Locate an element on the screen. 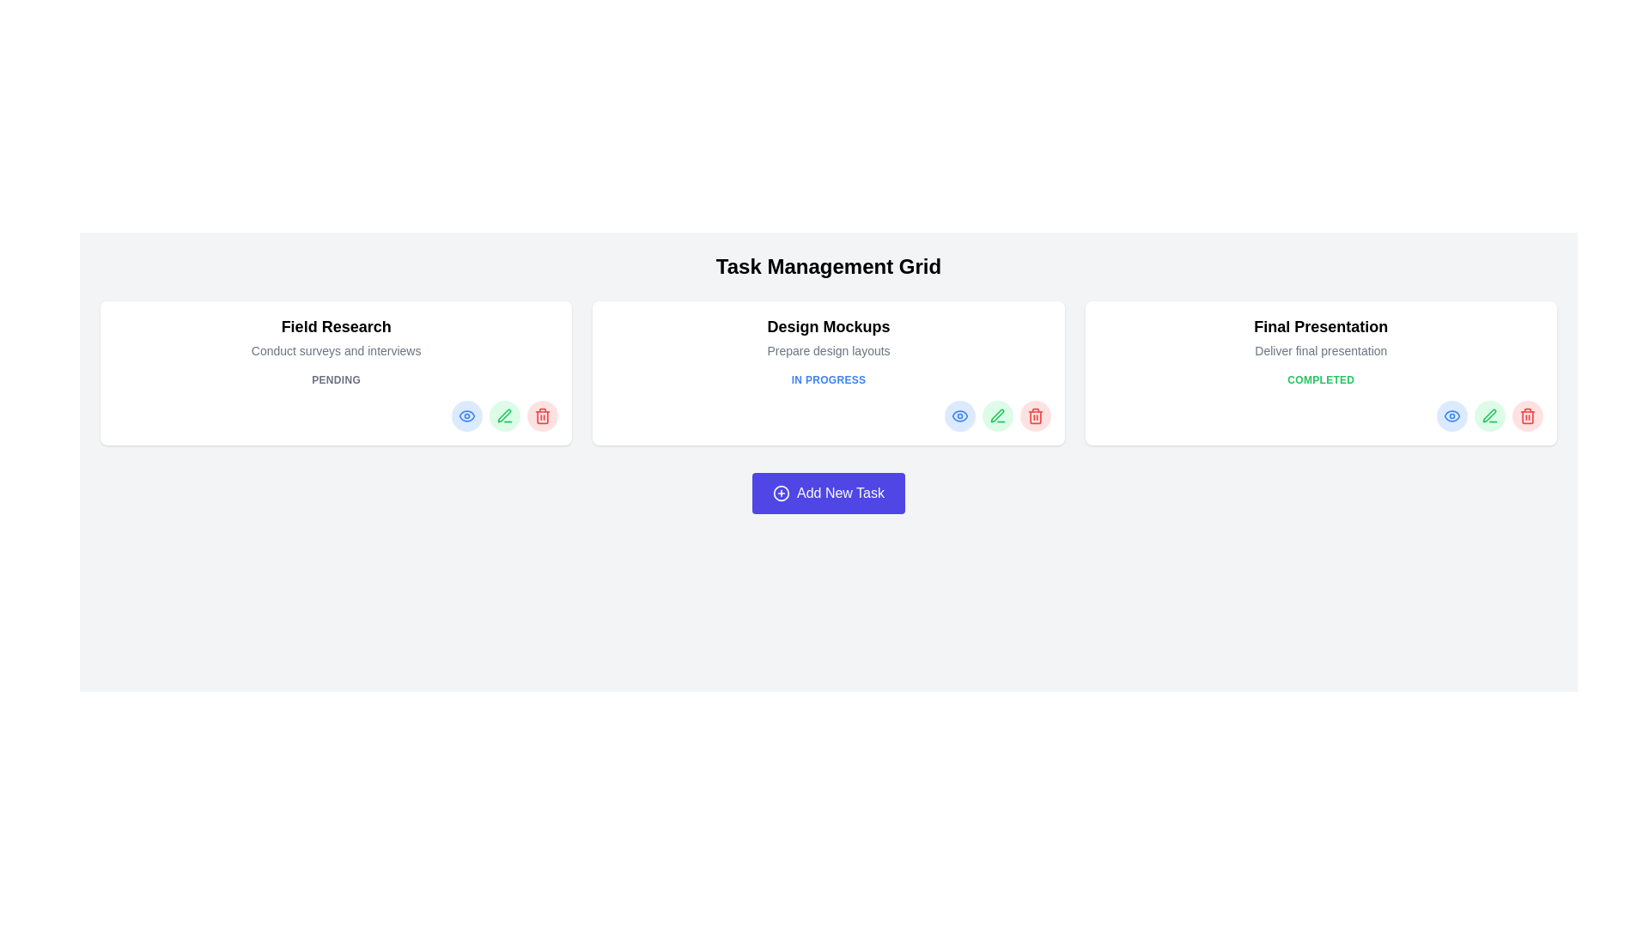 The height and width of the screenshot is (927, 1649). the status of the Task Card titled 'Field Research' which has a white background and a status label 'PENDING' at the bottom center is located at coordinates (336, 373).